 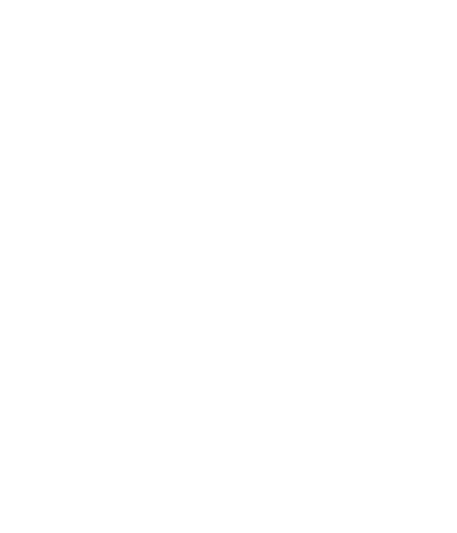 What do you see at coordinates (67, 284) in the screenshot?
I see `'Draper Cuts Ribbon on 100,000 Square Foot Addition'` at bounding box center [67, 284].